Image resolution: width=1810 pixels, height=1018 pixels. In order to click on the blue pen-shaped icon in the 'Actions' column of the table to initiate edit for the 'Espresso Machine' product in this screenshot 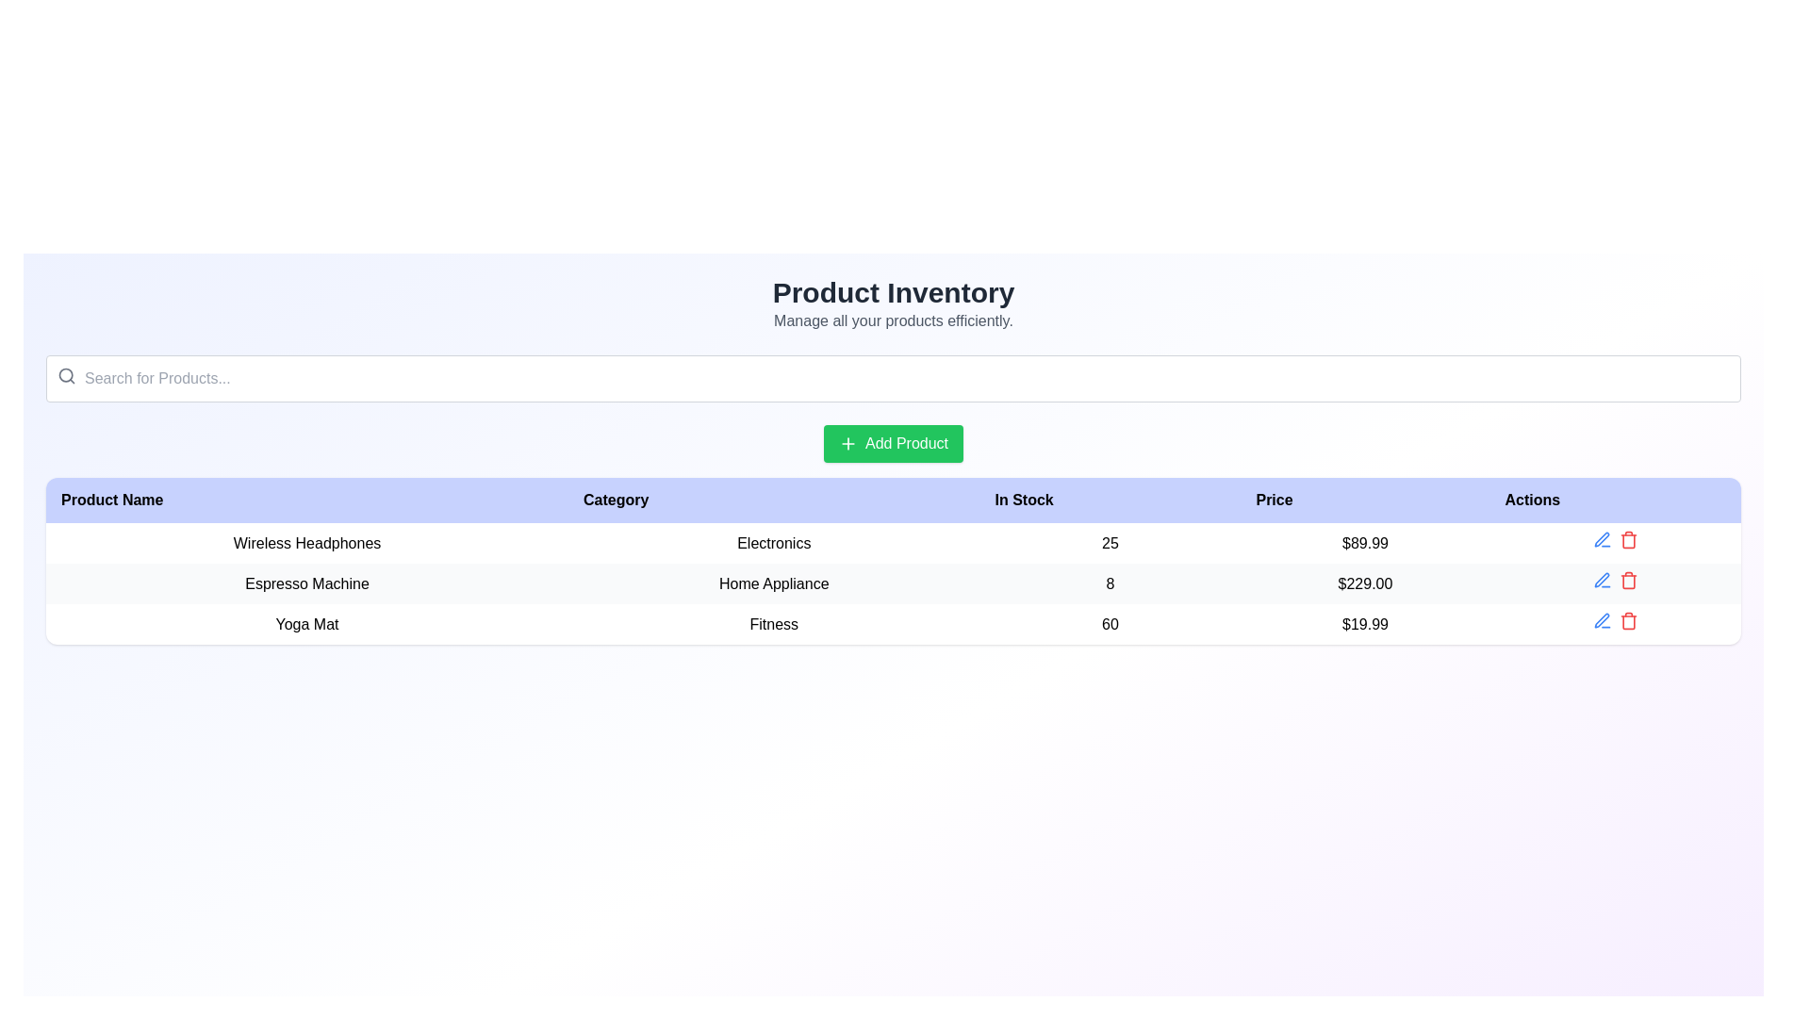, I will do `click(1601, 540)`.